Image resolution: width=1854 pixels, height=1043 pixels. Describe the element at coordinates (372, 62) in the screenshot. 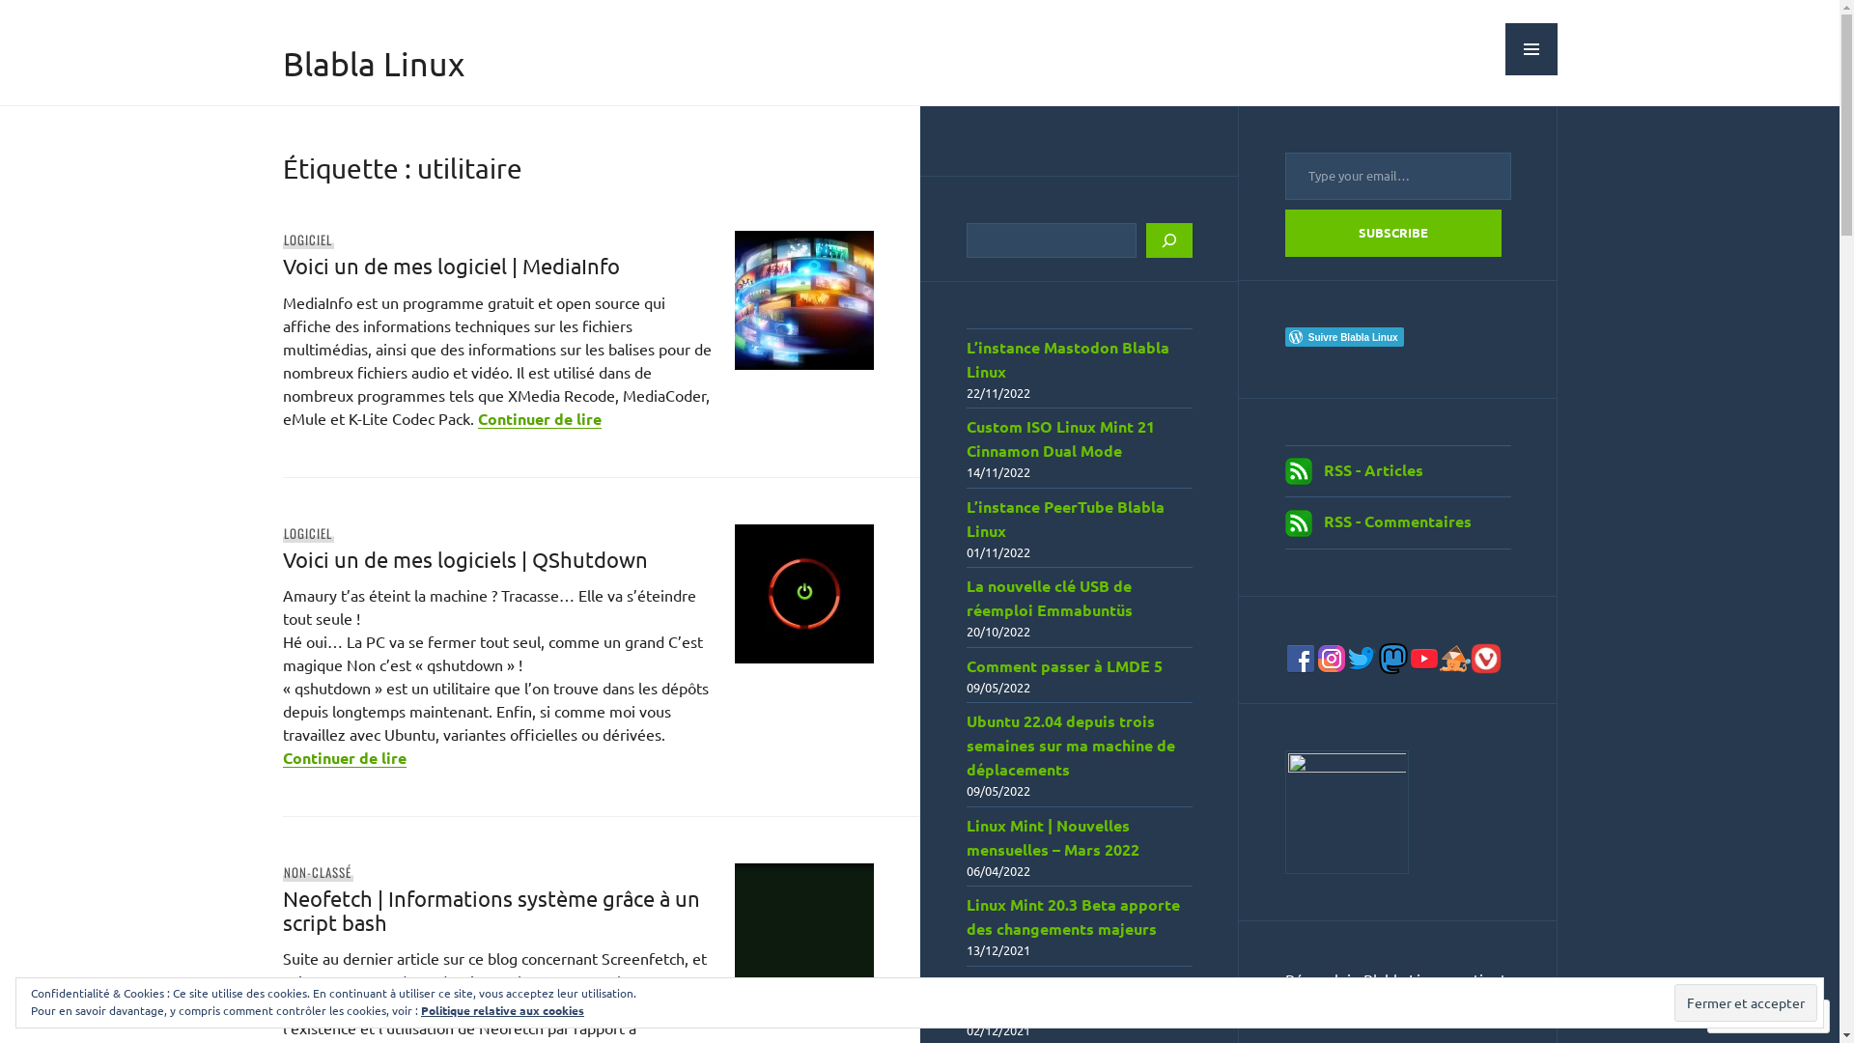

I see `'Blabla Linux'` at that location.